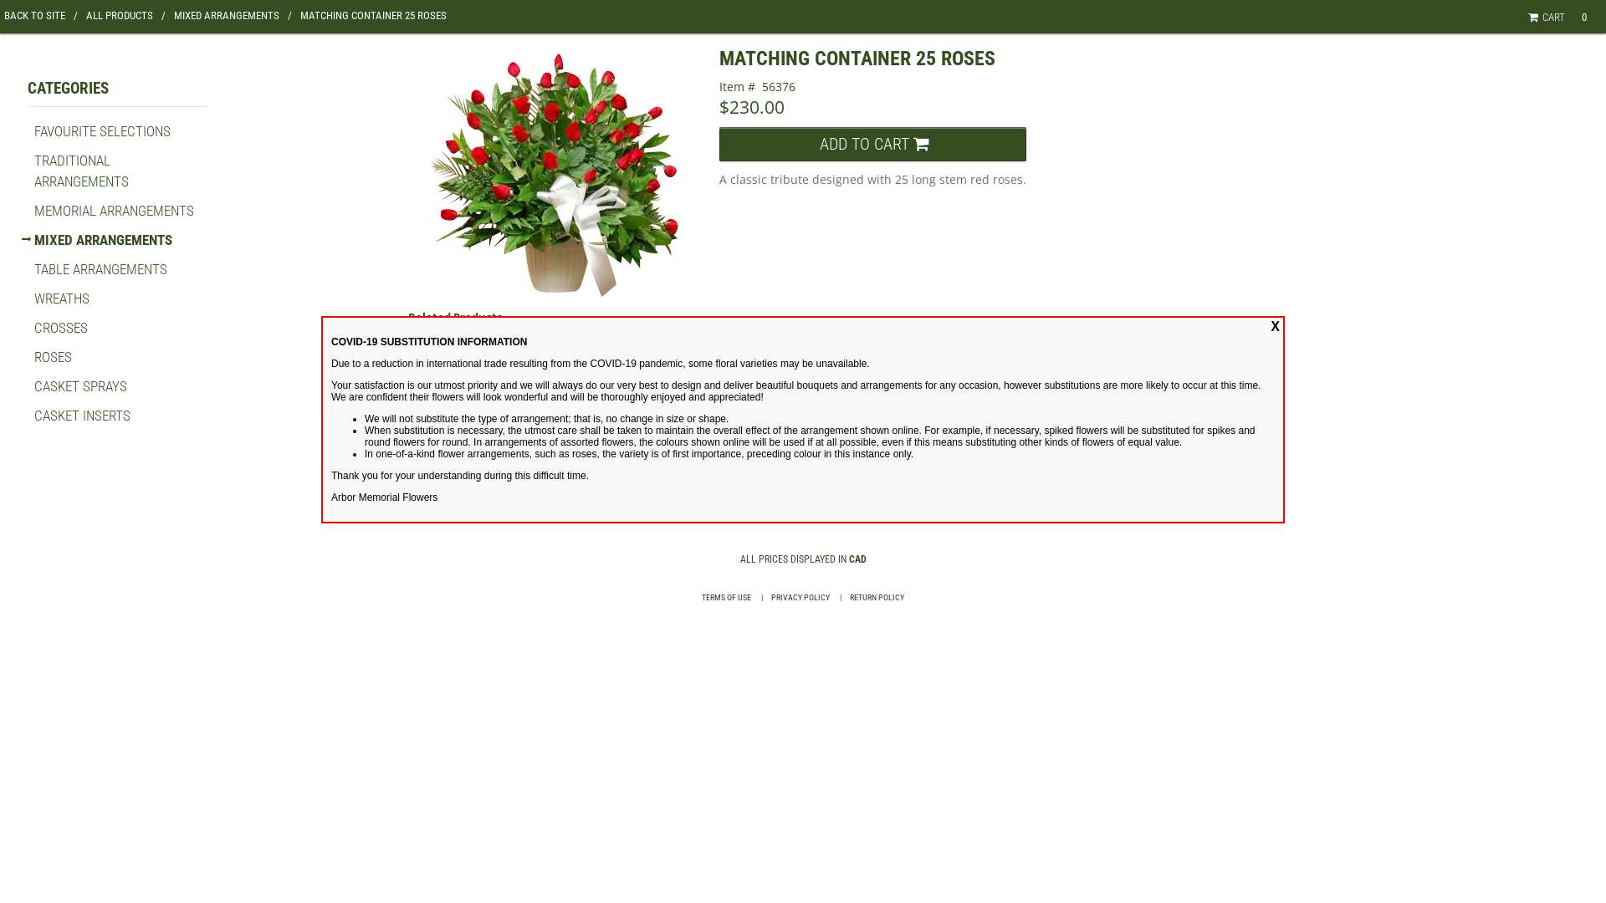 The height and width of the screenshot is (903, 1606). I want to click on 'BACK TO SITE', so click(40, 15).